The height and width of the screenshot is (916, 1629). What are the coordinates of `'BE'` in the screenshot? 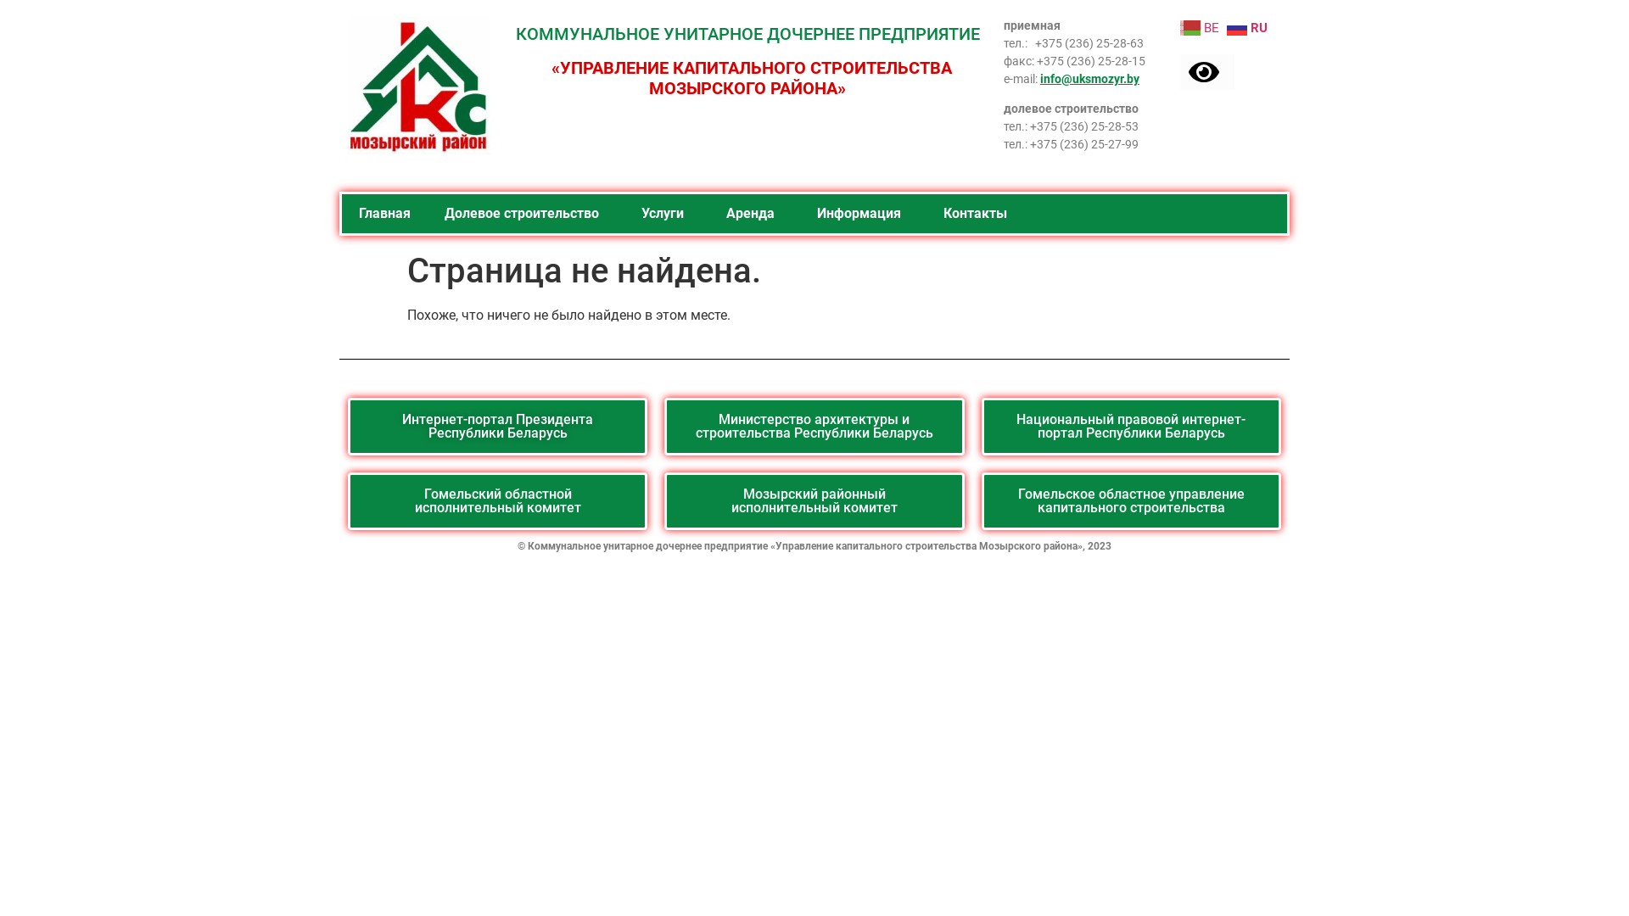 It's located at (1201, 26).